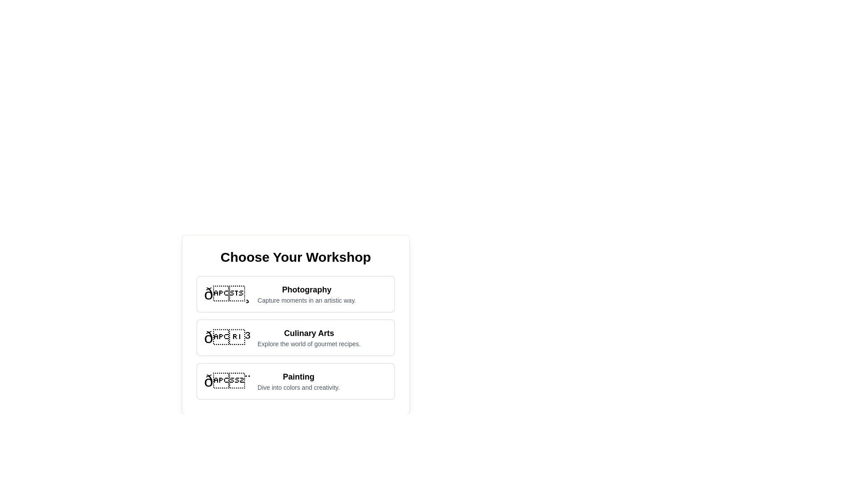 The height and width of the screenshot is (480, 854). I want to click on the Text Display element that serves as a descriptive title and subtitle for the 'Photography' option in the list of workshops under 'Choose Your Workshop.', so click(306, 294).